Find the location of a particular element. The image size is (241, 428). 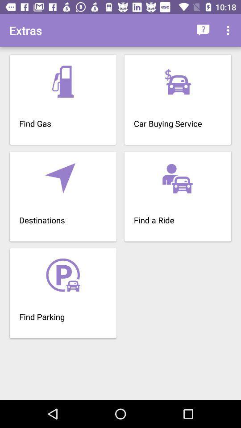

the icon above car buying service icon is located at coordinates (229, 30).